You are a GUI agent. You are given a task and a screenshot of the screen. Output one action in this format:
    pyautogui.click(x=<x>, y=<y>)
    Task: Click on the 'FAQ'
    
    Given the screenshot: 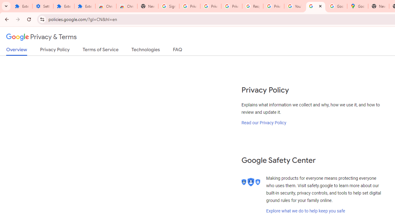 What is the action you would take?
    pyautogui.click(x=177, y=51)
    